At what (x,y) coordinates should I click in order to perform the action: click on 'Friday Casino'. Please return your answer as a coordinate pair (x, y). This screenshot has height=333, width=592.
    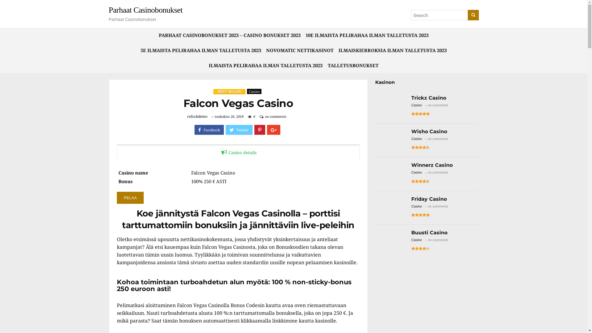
    Looking at the image, I should click on (429, 199).